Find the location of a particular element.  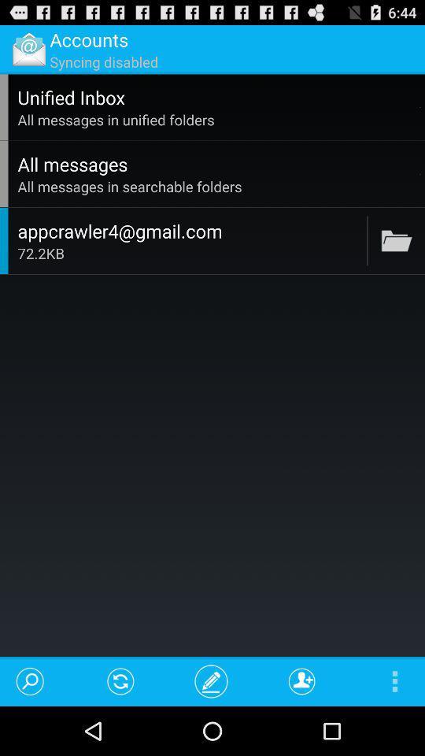

app below the 72.2kb icon is located at coordinates (301, 680).